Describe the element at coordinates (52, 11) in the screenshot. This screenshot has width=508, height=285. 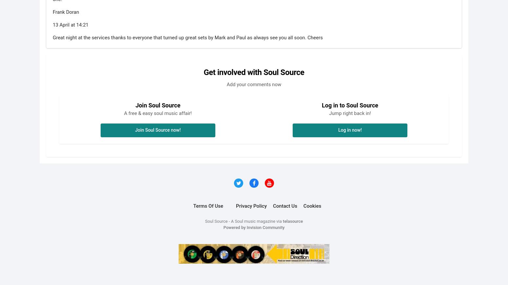
I see `'Frank Doran'` at that location.